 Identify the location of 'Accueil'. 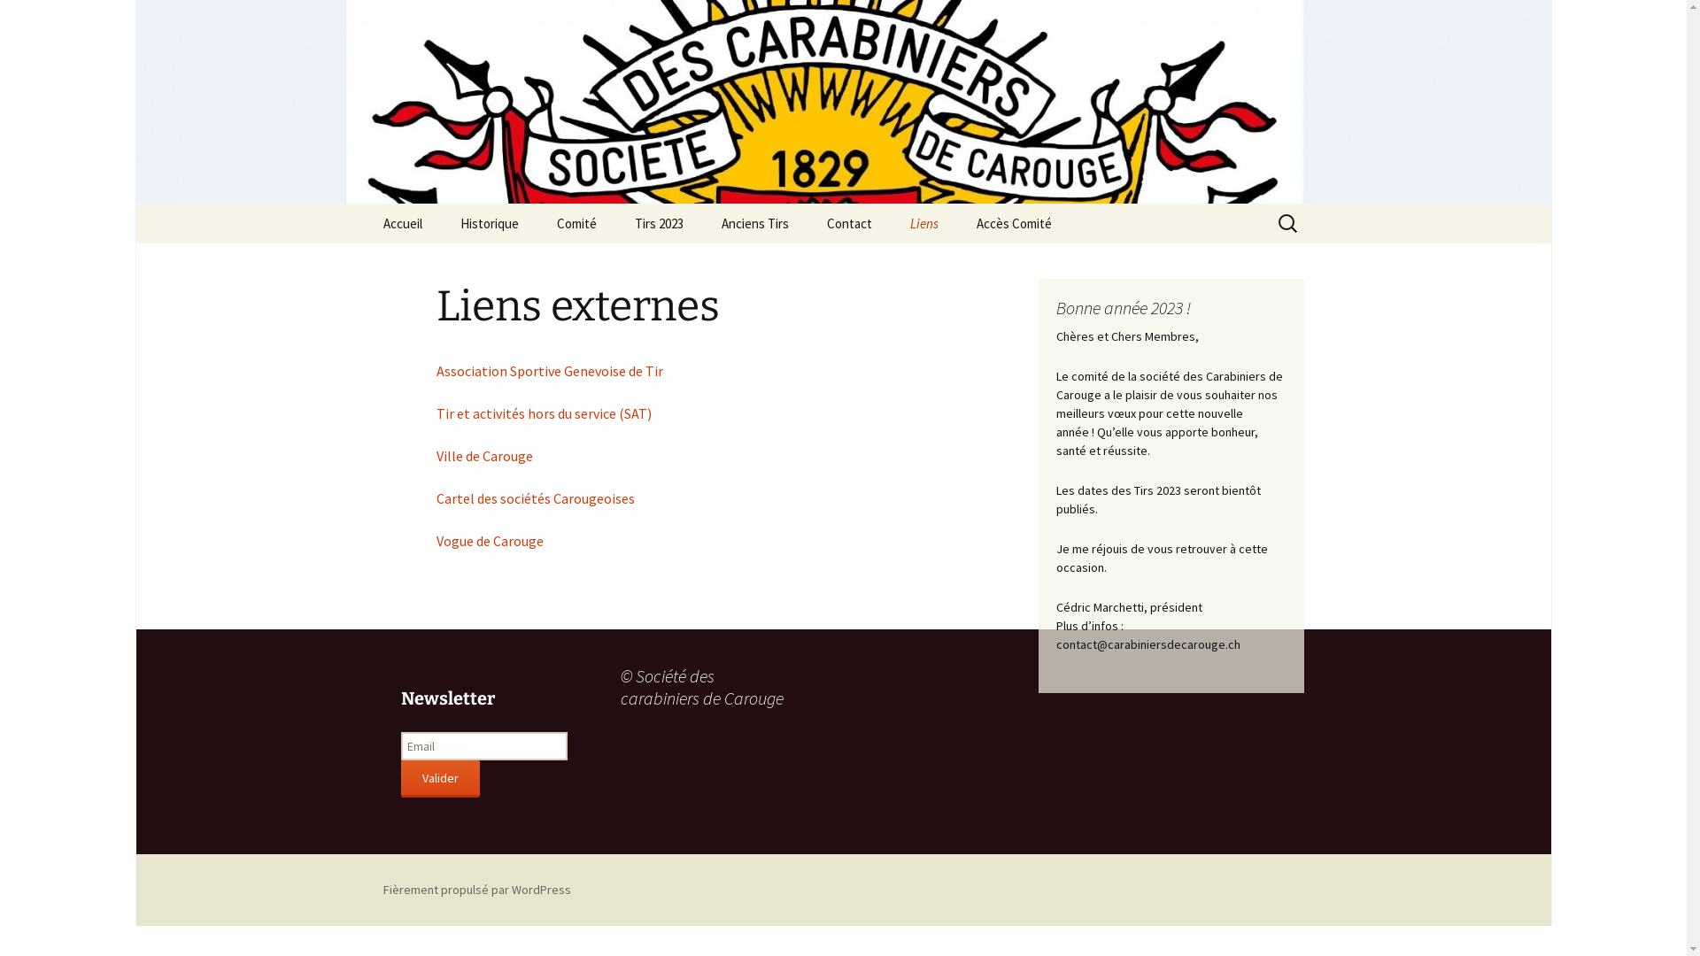
(401, 222).